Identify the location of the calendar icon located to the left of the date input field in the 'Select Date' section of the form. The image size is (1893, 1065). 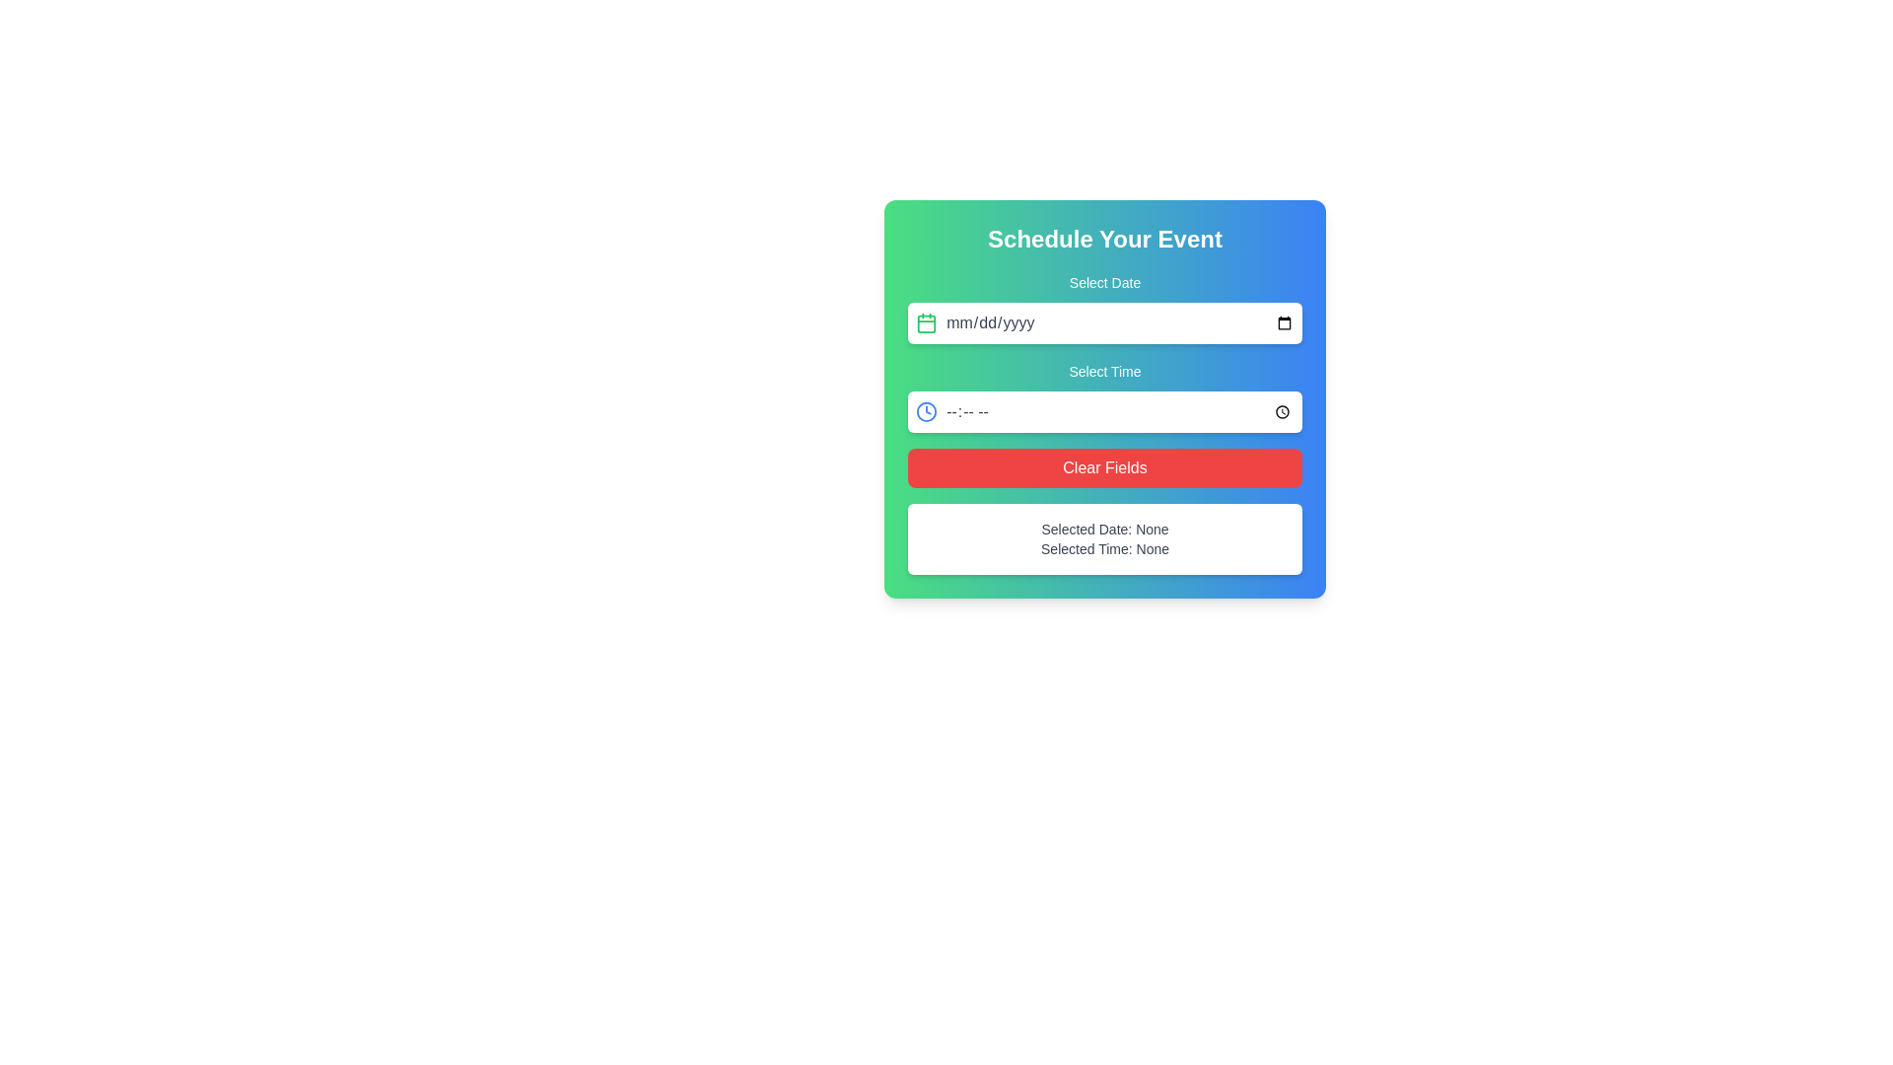
(926, 321).